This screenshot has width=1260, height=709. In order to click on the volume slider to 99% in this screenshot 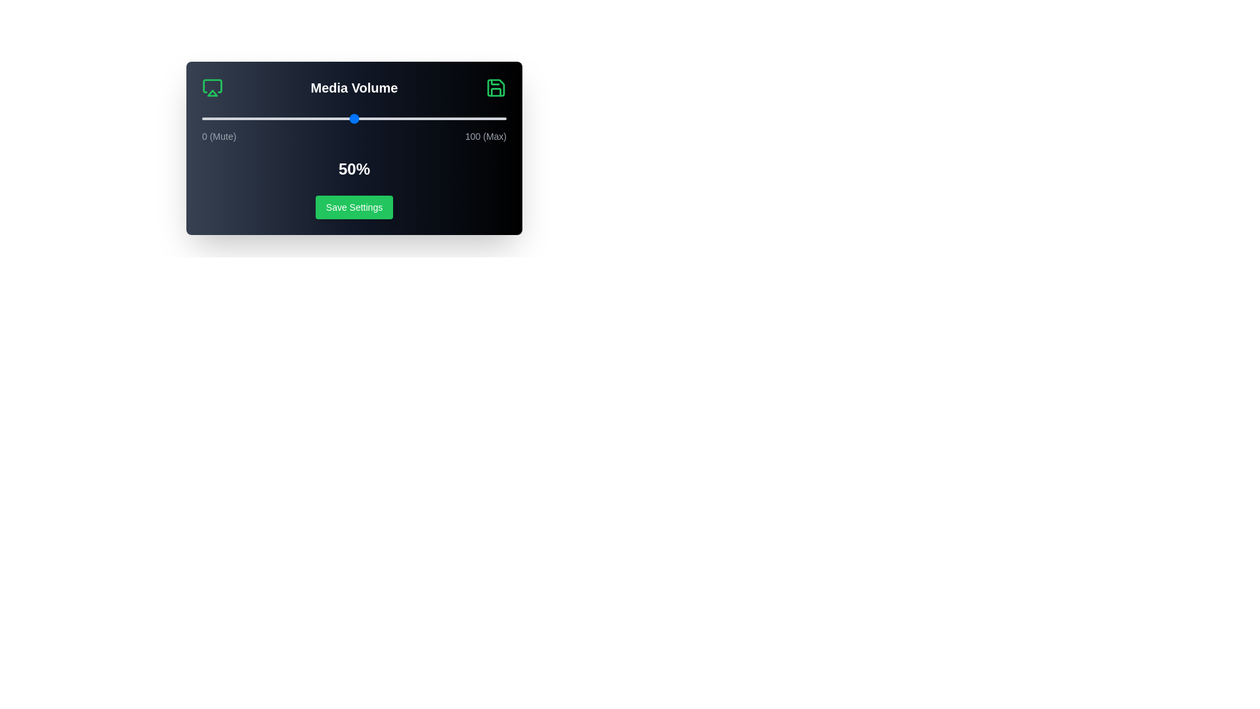, I will do `click(503, 119)`.